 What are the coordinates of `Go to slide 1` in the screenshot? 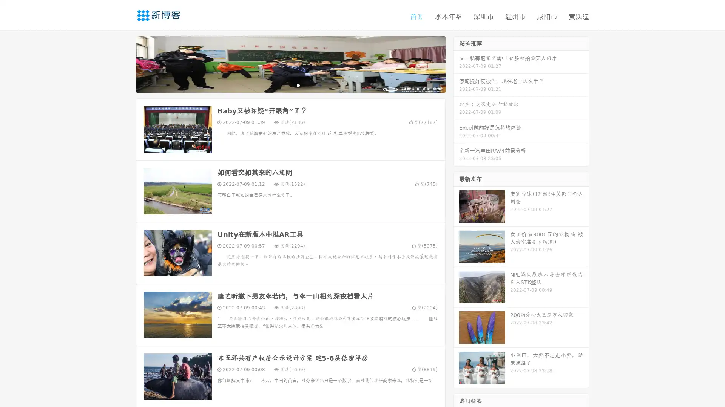 It's located at (282, 85).